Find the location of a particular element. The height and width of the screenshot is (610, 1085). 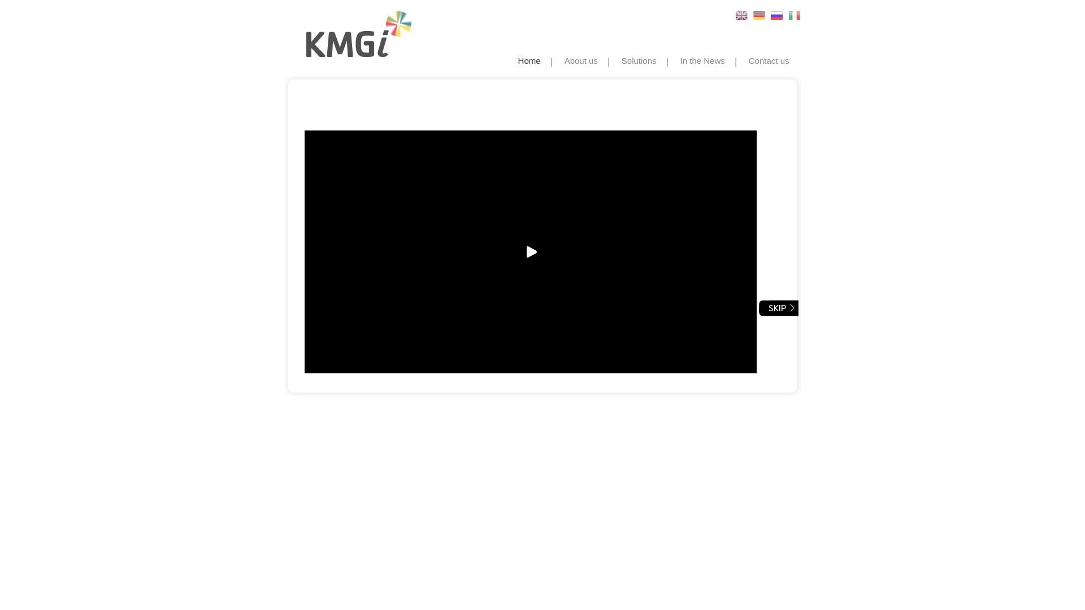

'Home' is located at coordinates (506, 60).